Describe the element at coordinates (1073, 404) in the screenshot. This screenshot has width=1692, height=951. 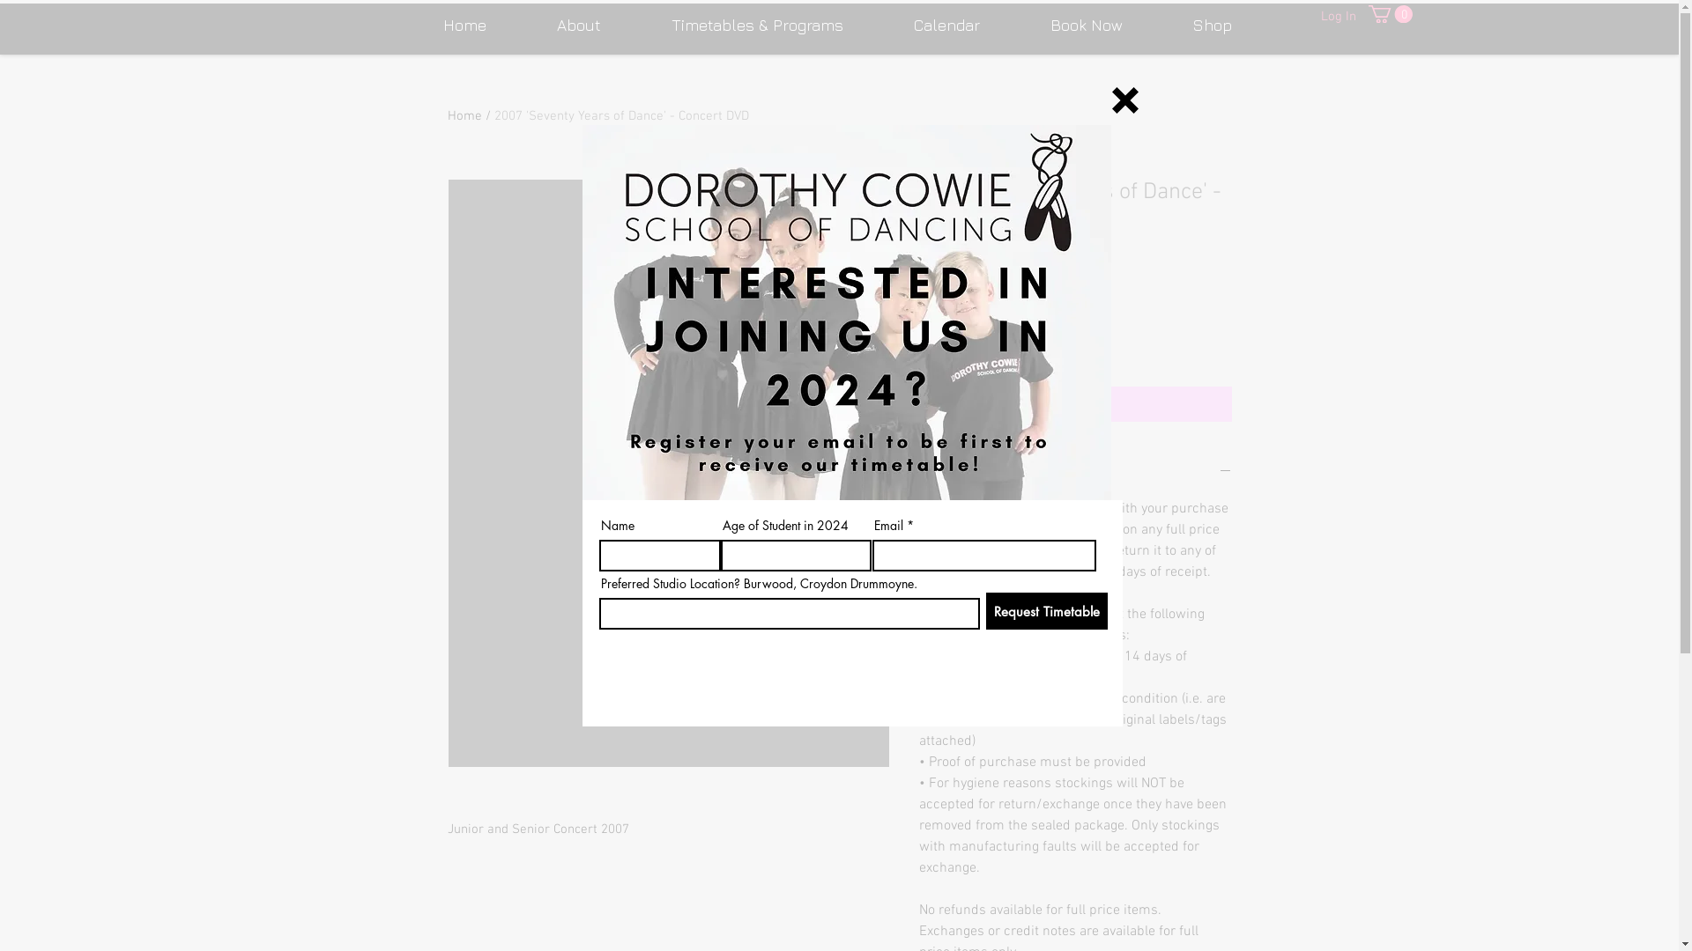
I see `'Add to Cart'` at that location.